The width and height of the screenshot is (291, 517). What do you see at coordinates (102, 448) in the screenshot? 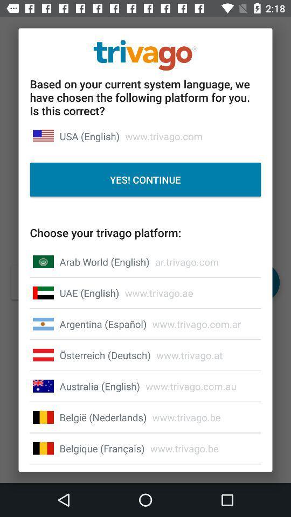
I see `the icon to the left of www.trivago.be icon` at bounding box center [102, 448].